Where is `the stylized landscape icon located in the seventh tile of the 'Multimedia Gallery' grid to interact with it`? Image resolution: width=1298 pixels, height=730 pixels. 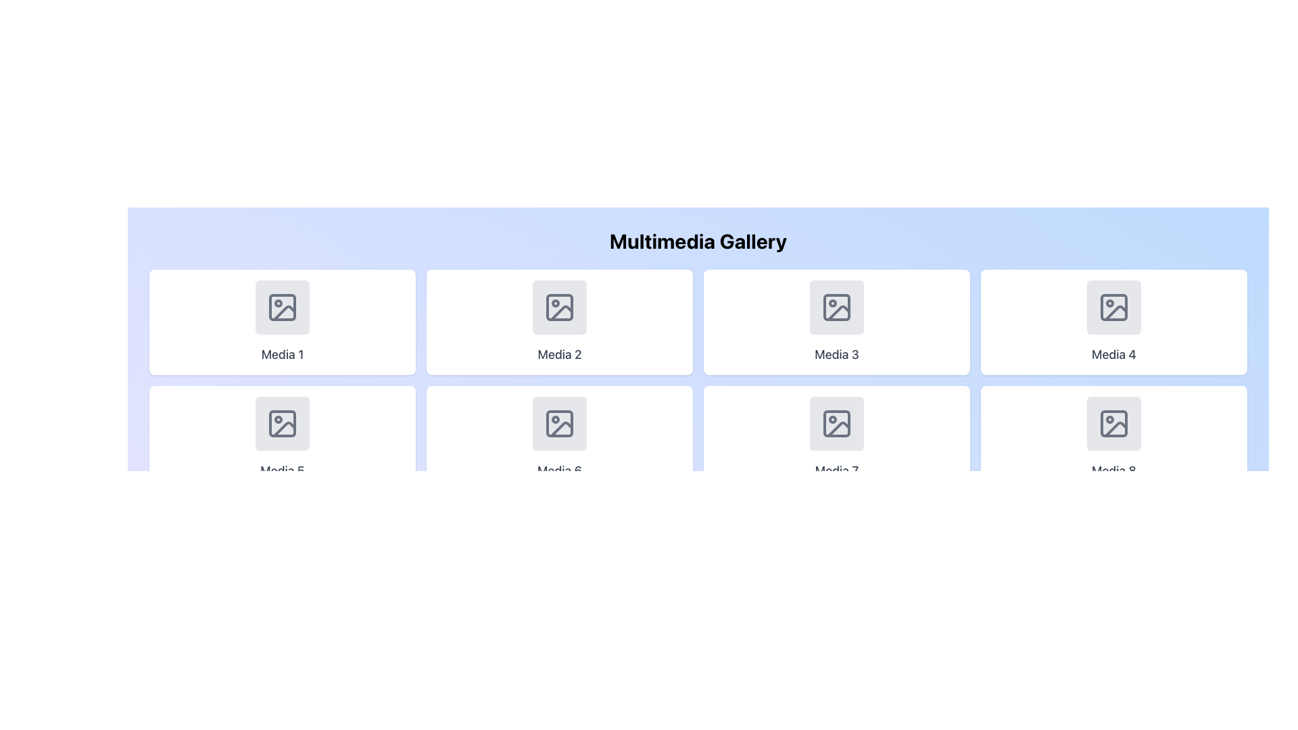
the stylized landscape icon located in the seventh tile of the 'Multimedia Gallery' grid to interact with it is located at coordinates (836, 423).